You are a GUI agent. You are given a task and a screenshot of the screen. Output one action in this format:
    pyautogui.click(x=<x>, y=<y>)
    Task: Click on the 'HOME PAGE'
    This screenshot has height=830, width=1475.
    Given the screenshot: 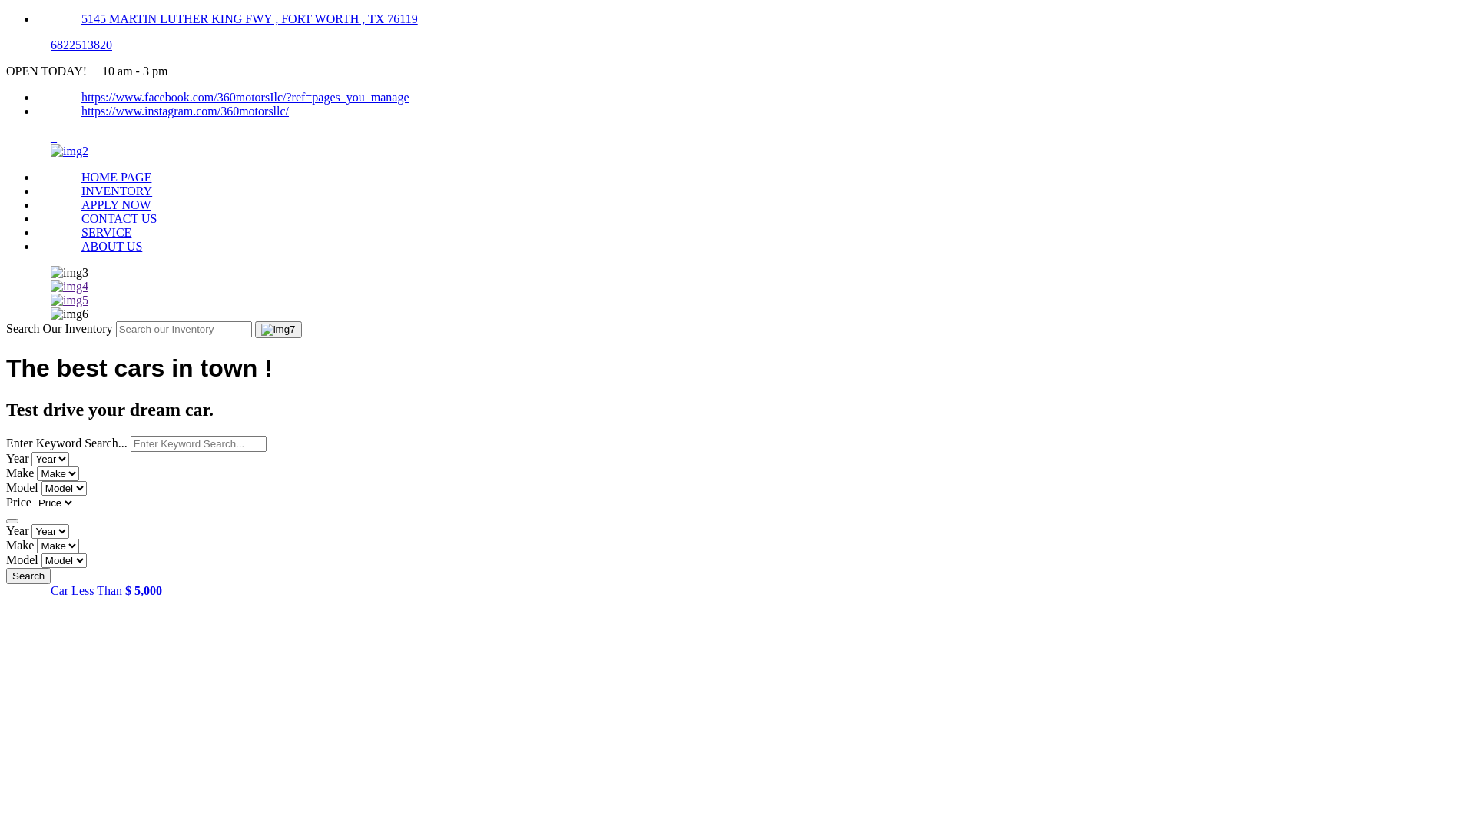 What is the action you would take?
    pyautogui.click(x=115, y=176)
    